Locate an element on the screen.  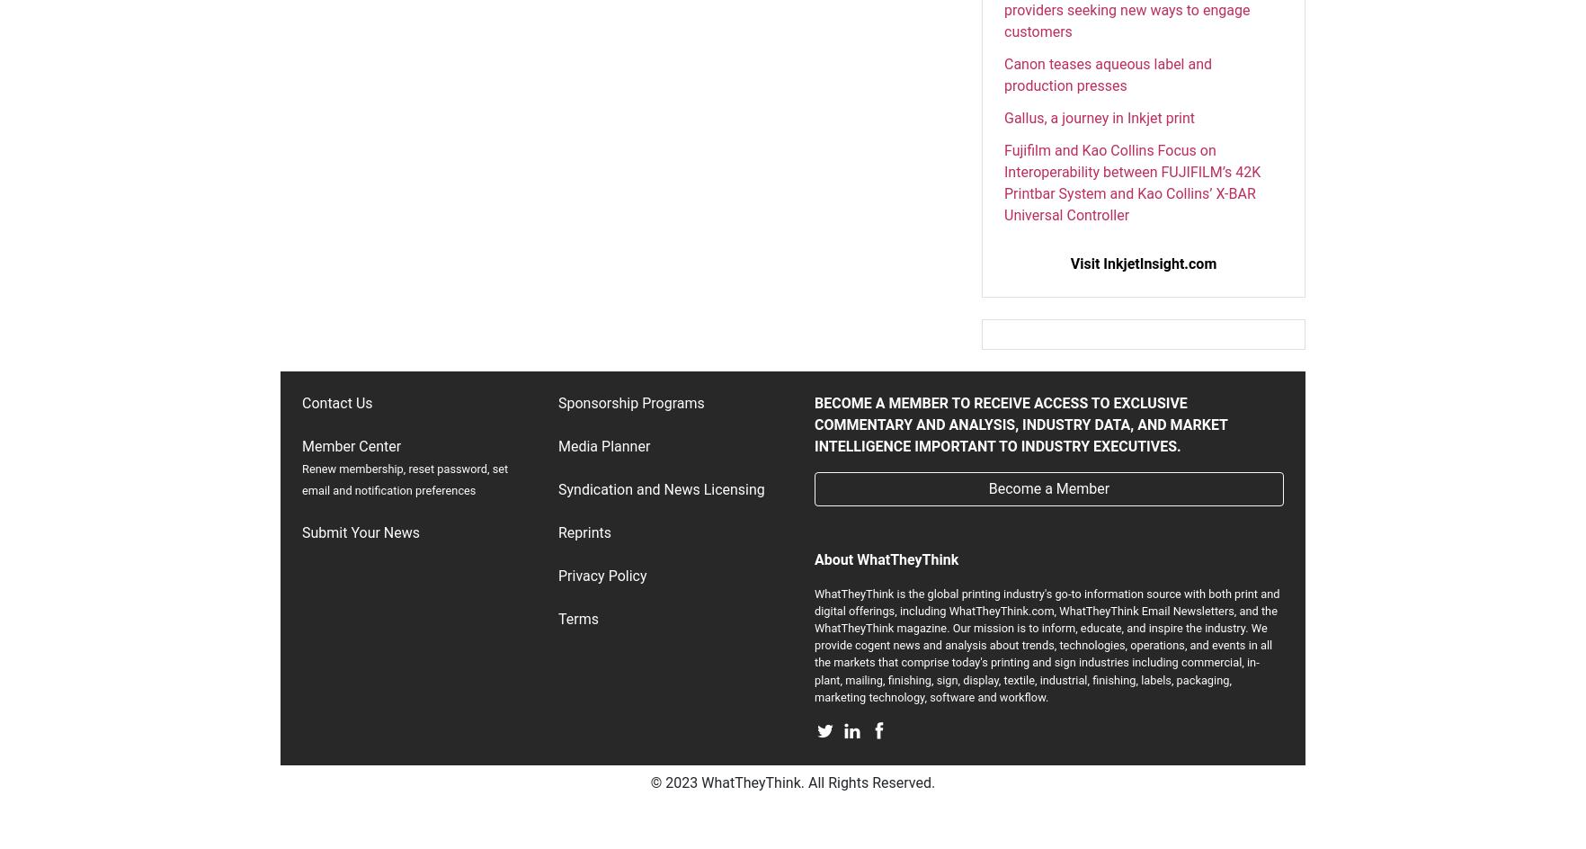
'Privacy Policy' is located at coordinates (601, 575).